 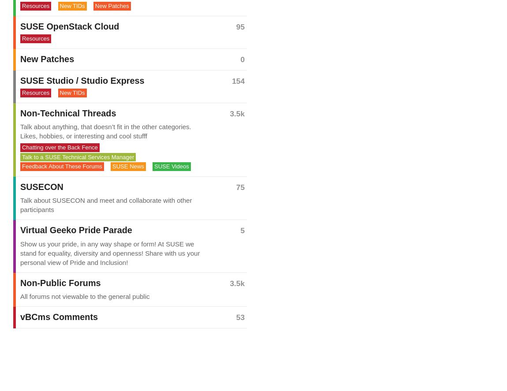 I want to click on '75', so click(x=235, y=187).